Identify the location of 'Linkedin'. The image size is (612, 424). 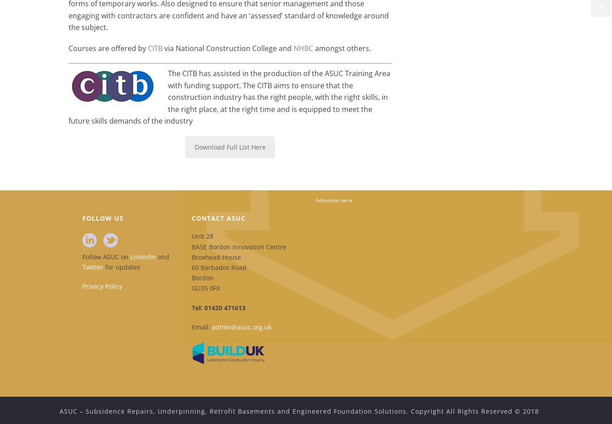
(142, 256).